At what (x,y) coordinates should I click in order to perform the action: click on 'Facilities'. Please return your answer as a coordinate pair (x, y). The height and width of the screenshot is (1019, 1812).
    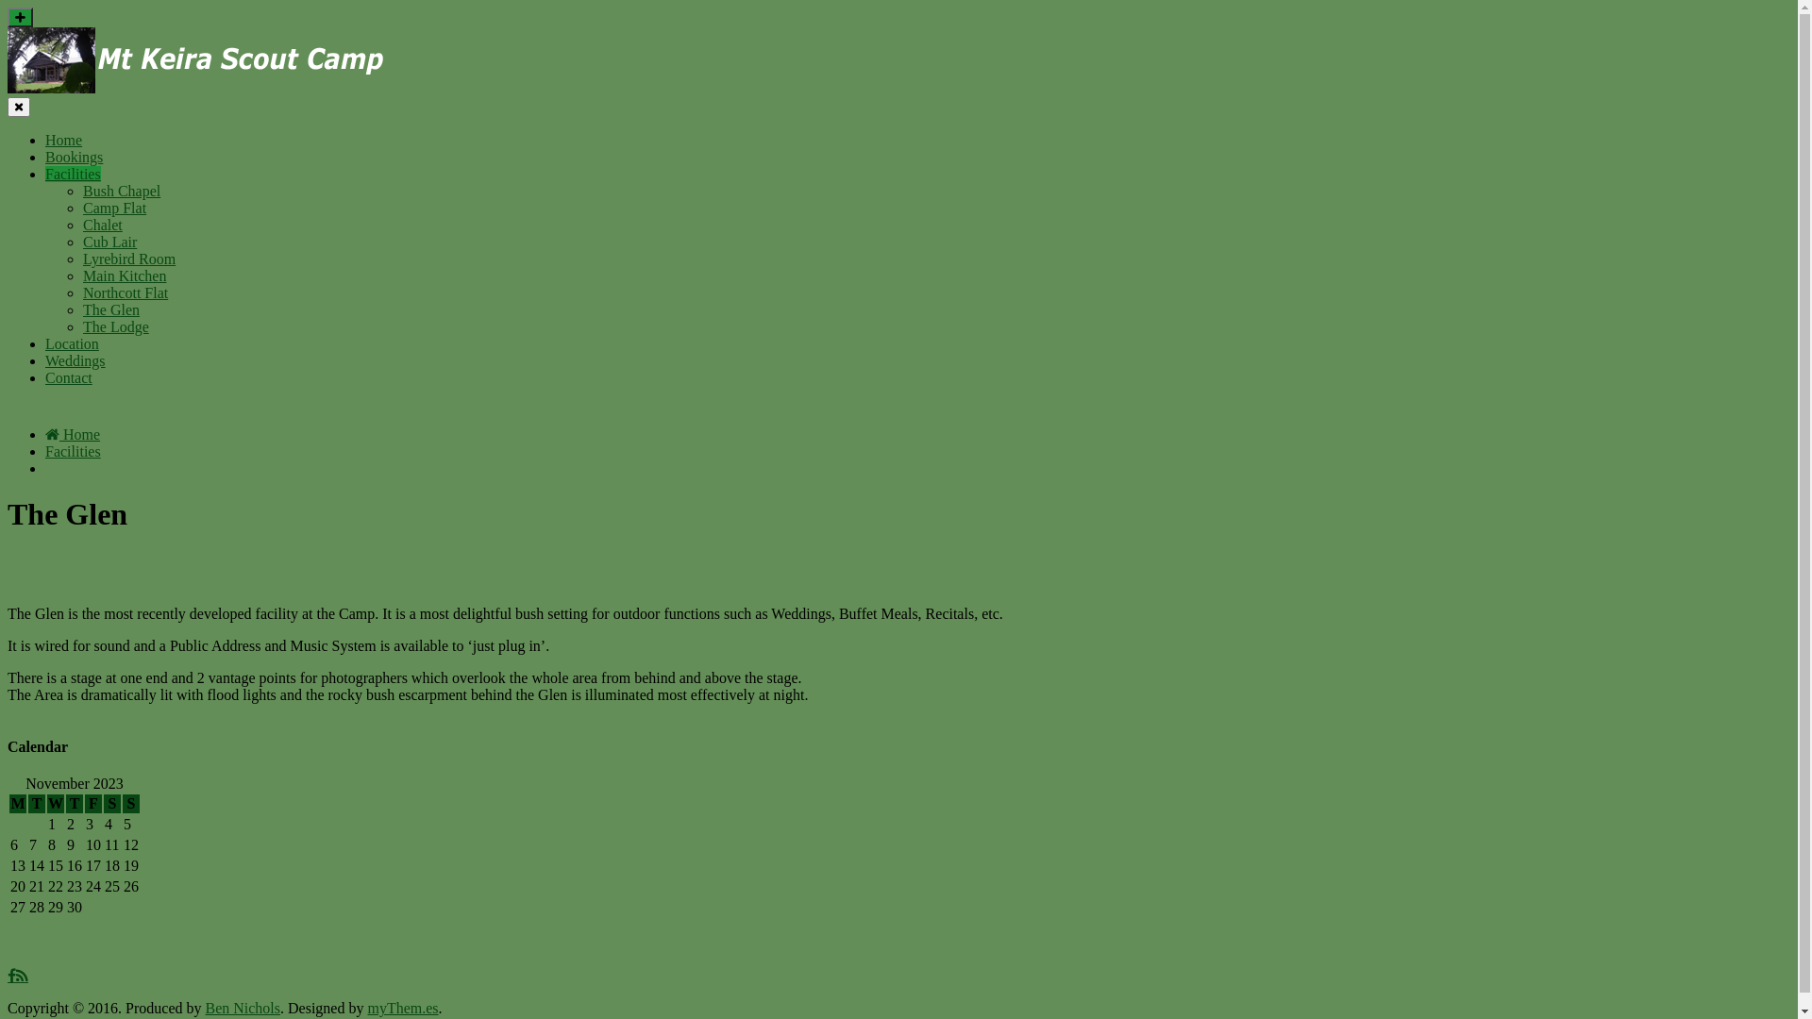
    Looking at the image, I should click on (73, 174).